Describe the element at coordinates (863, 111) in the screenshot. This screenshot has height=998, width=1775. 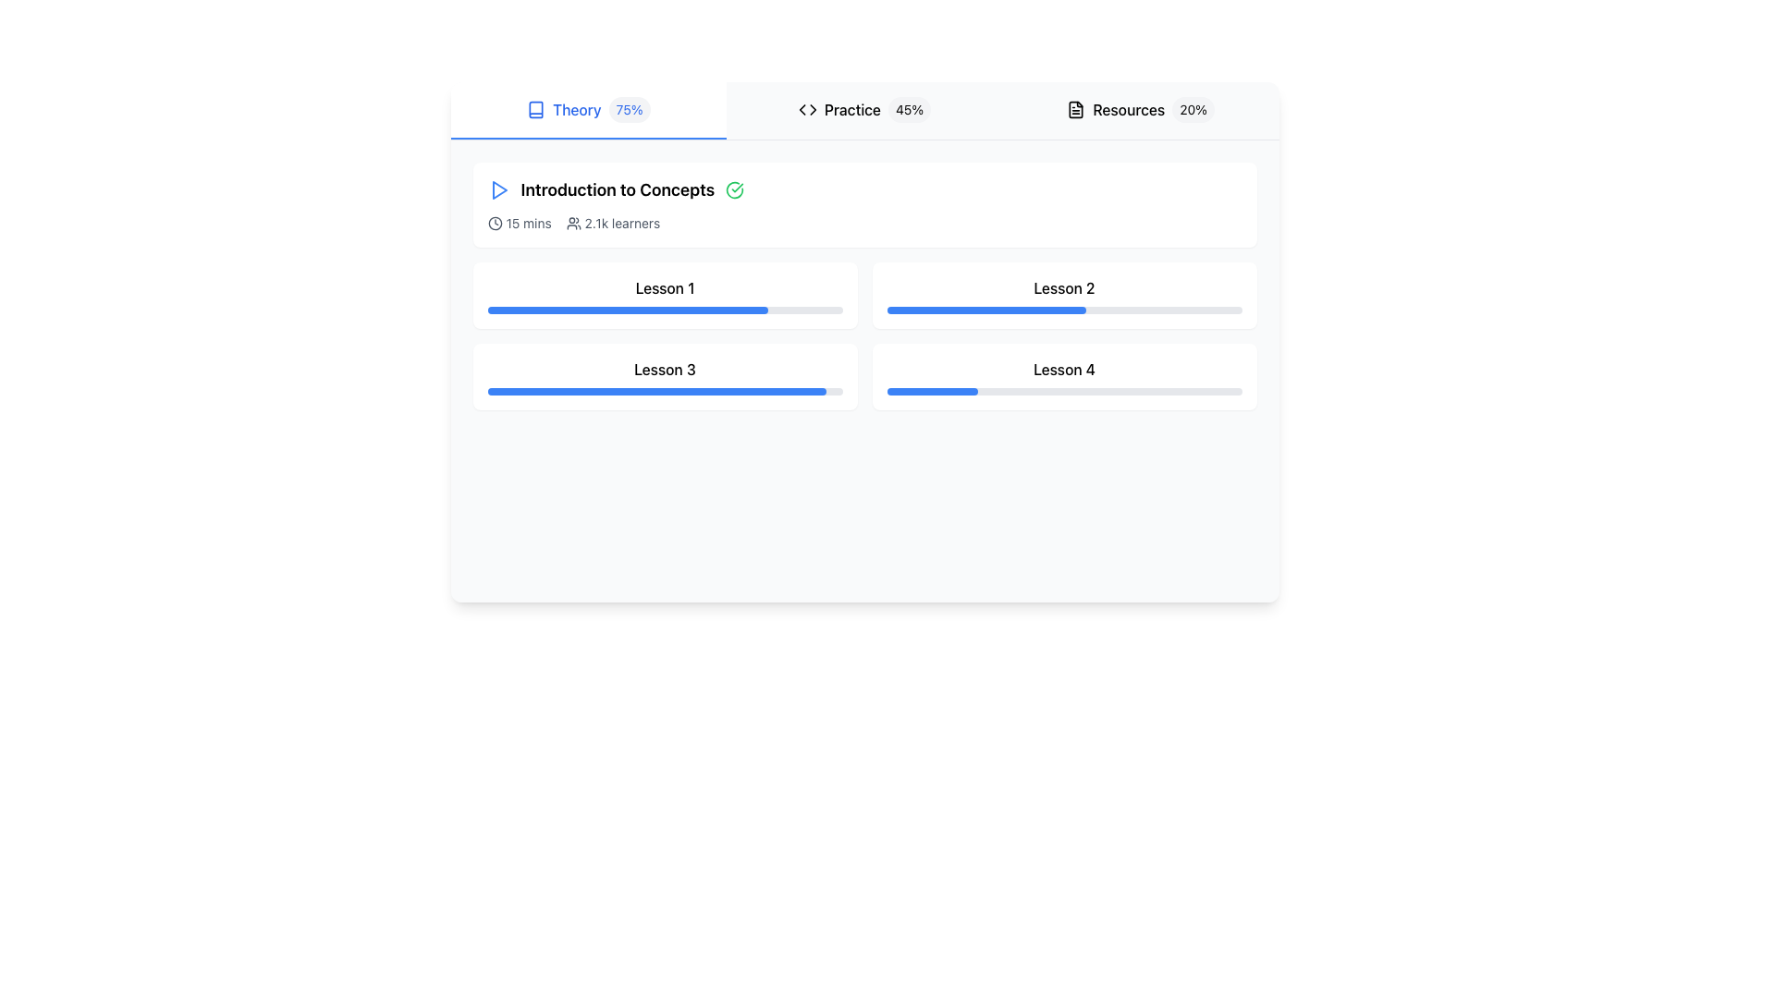
I see `the Tab Group element that serves as a navigation bar for 'Theory', 'Practice', and 'Resources'` at that location.